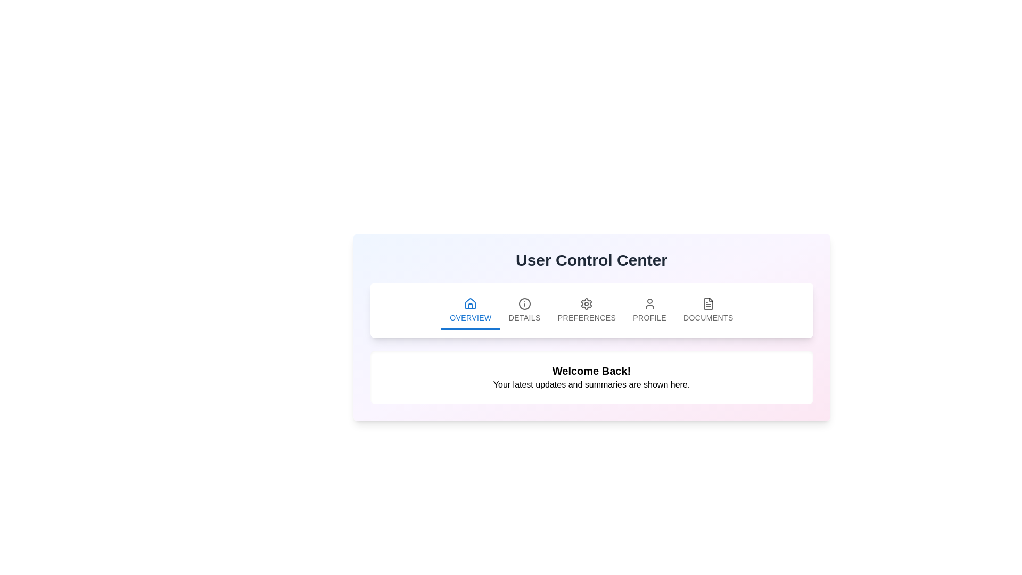  Describe the element at coordinates (524, 310) in the screenshot. I see `the 'Details' tab button` at that location.